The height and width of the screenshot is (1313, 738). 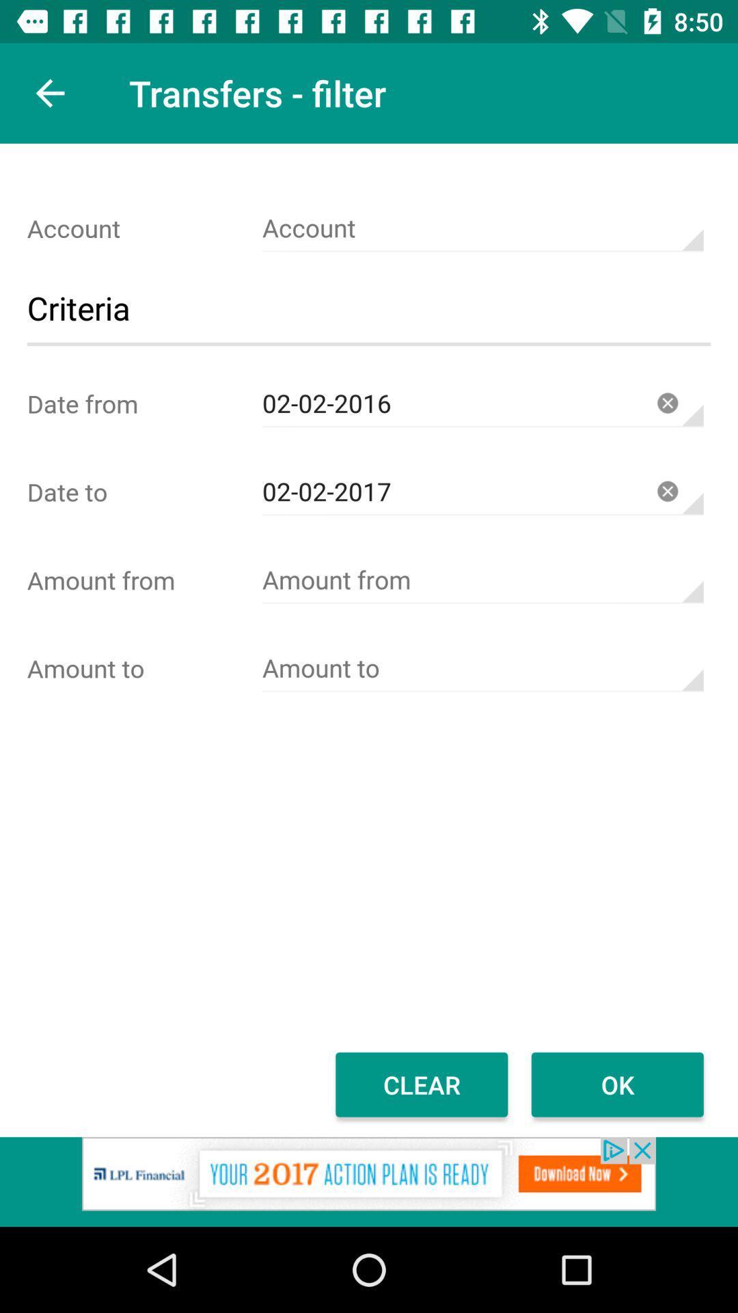 I want to click on input account information, so click(x=482, y=228).